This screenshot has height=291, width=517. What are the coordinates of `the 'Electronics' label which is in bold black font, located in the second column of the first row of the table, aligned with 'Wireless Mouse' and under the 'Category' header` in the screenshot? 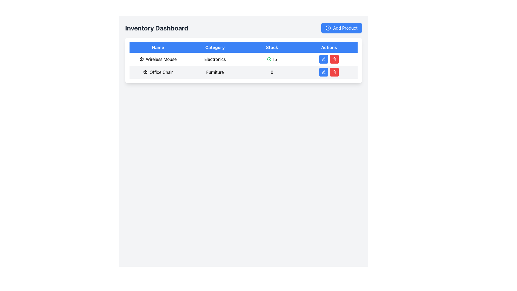 It's located at (215, 59).